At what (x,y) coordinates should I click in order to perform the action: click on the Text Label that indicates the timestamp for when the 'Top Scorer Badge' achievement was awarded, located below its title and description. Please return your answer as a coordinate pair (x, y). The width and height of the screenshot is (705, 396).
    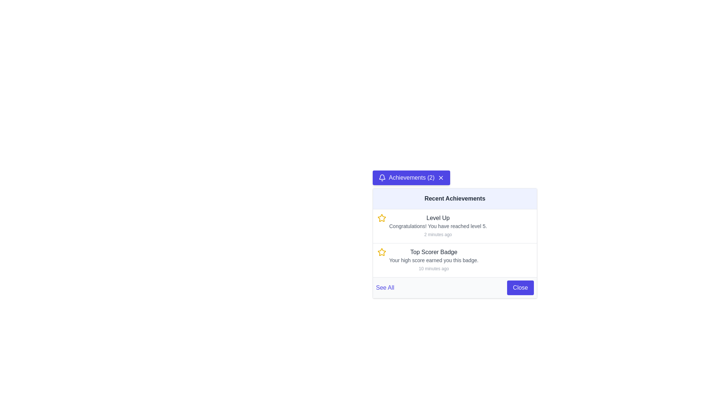
    Looking at the image, I should click on (434, 268).